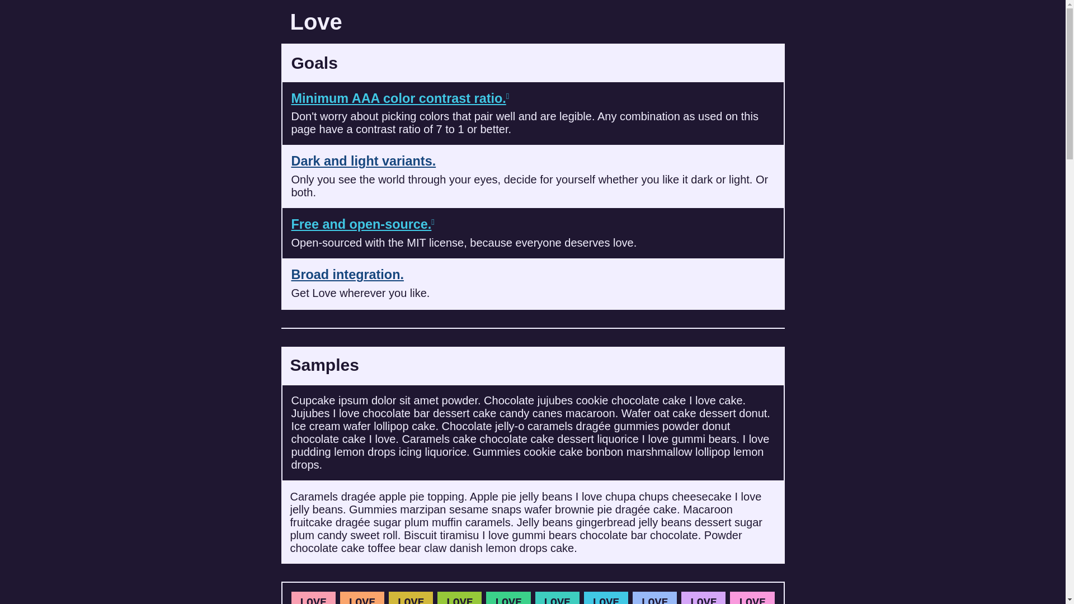  Describe the element at coordinates (346, 274) in the screenshot. I see `'Broad integration.'` at that location.